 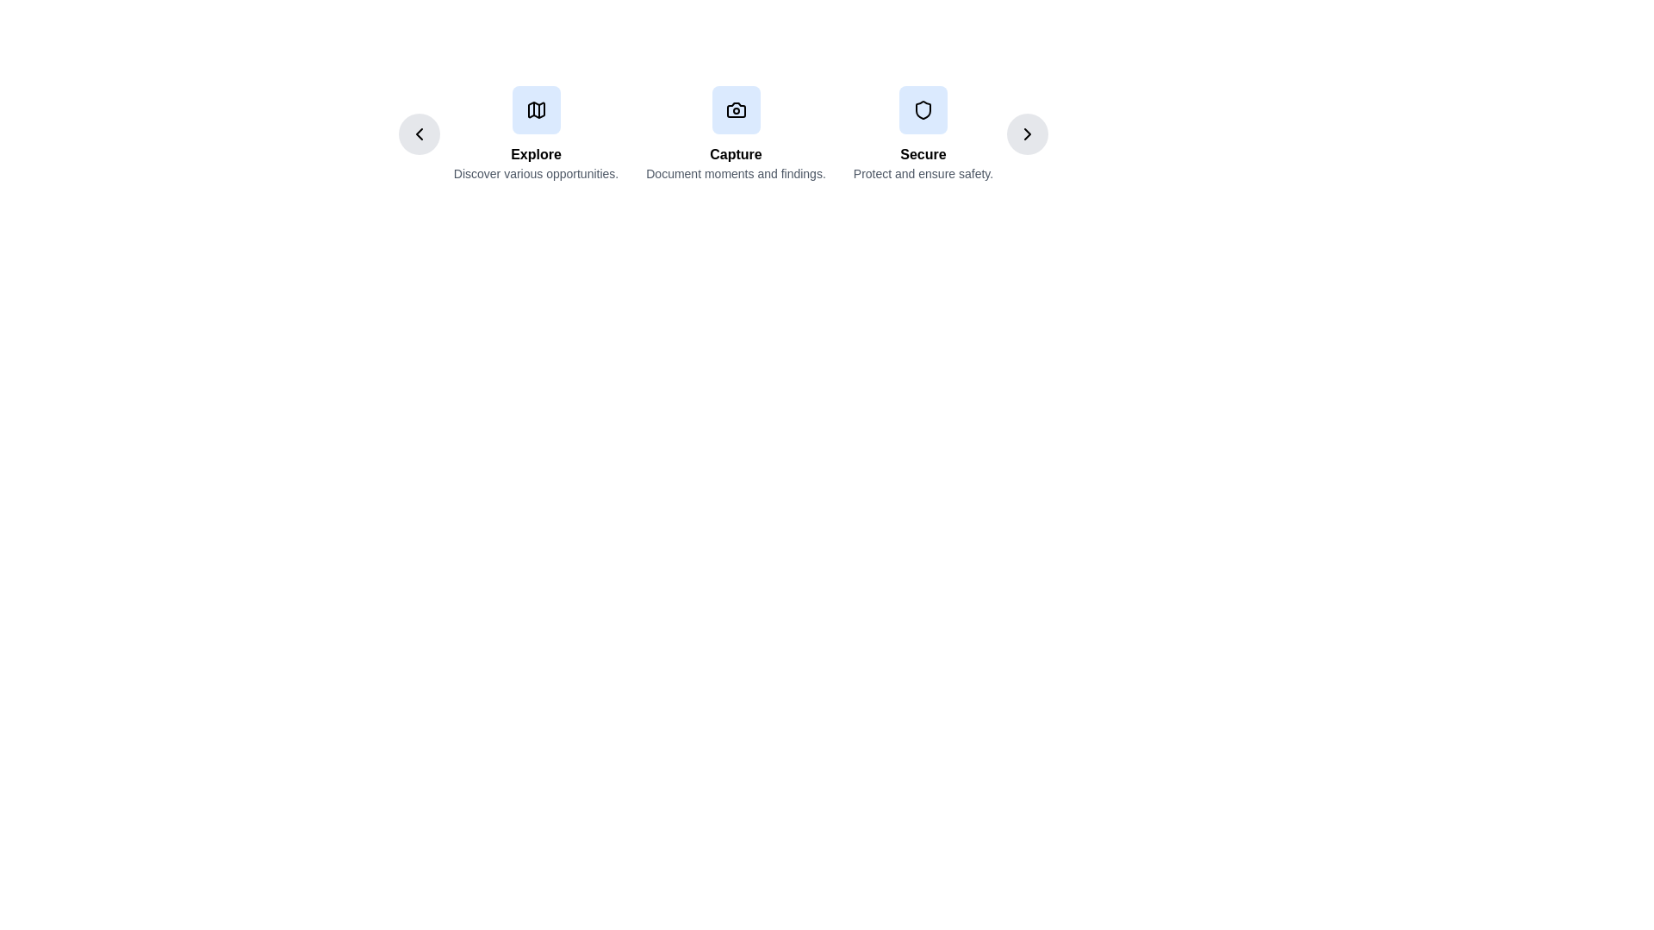 I want to click on the 'Capture' icon, which is the second item in a row of three similar items, visually representing the functionality for taking photographs or screenshots, so click(x=736, y=109).